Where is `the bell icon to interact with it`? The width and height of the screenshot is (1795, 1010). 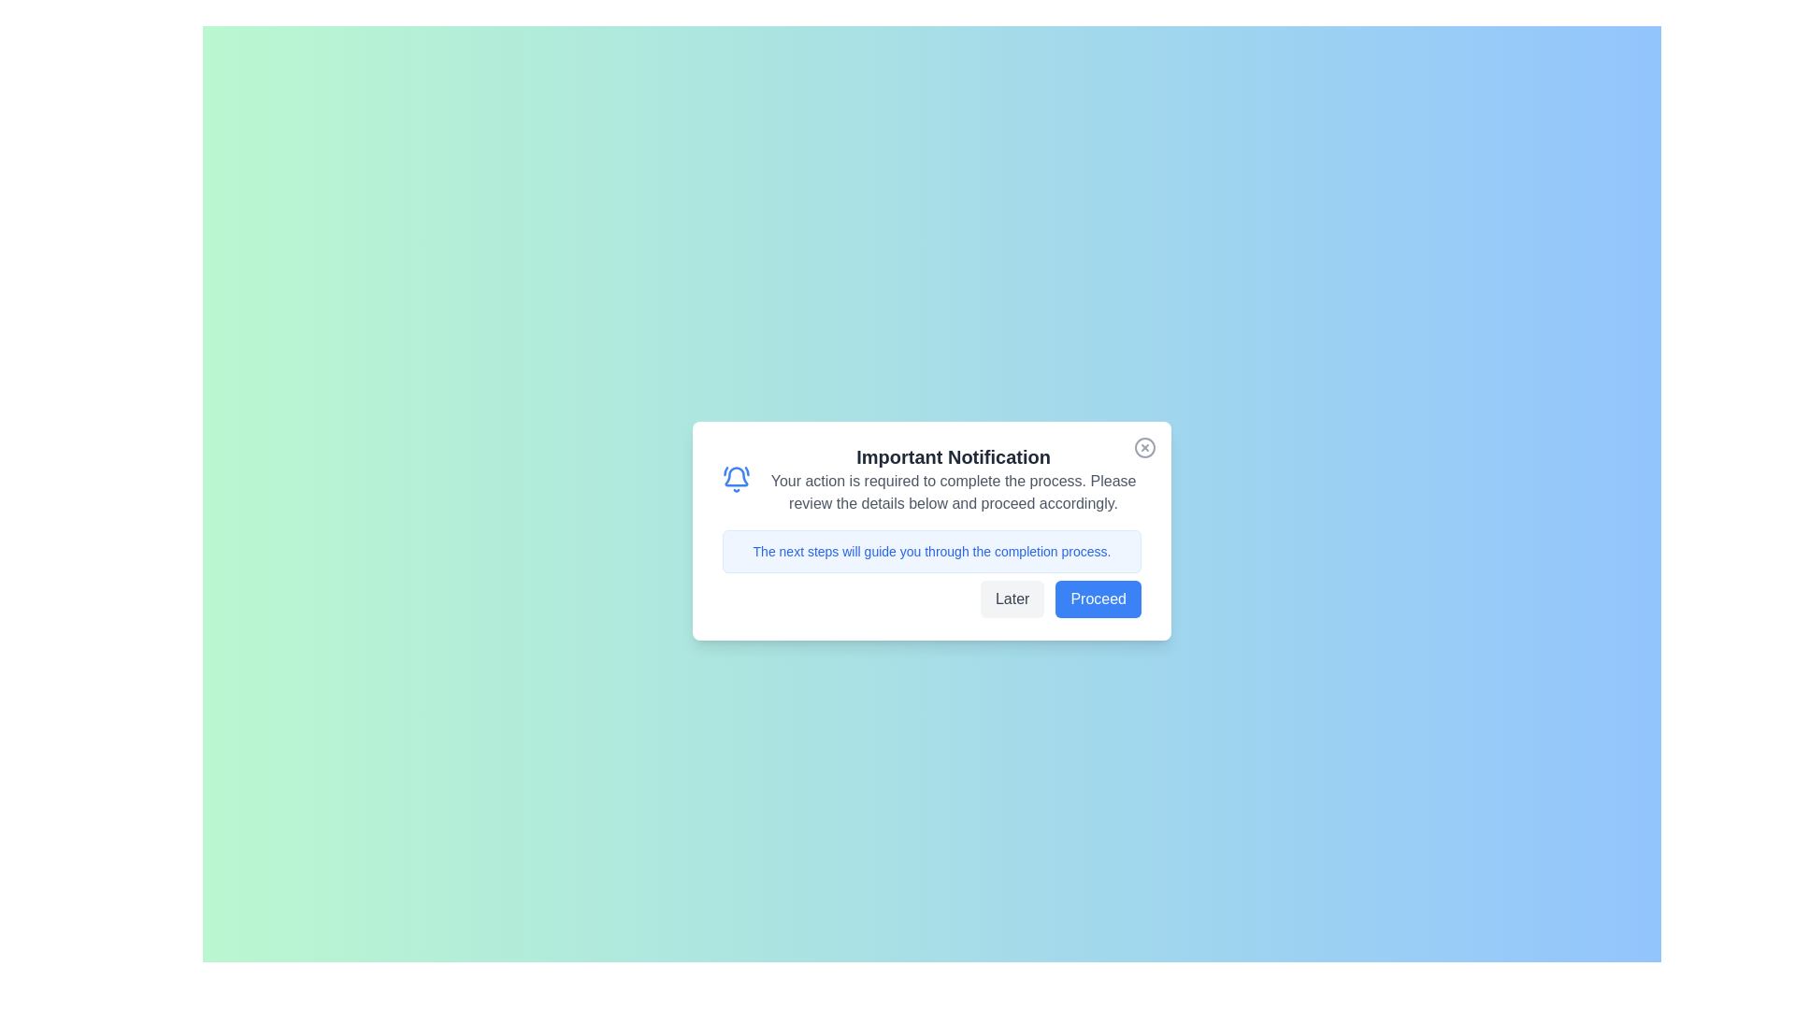
the bell icon to interact with it is located at coordinates (735, 479).